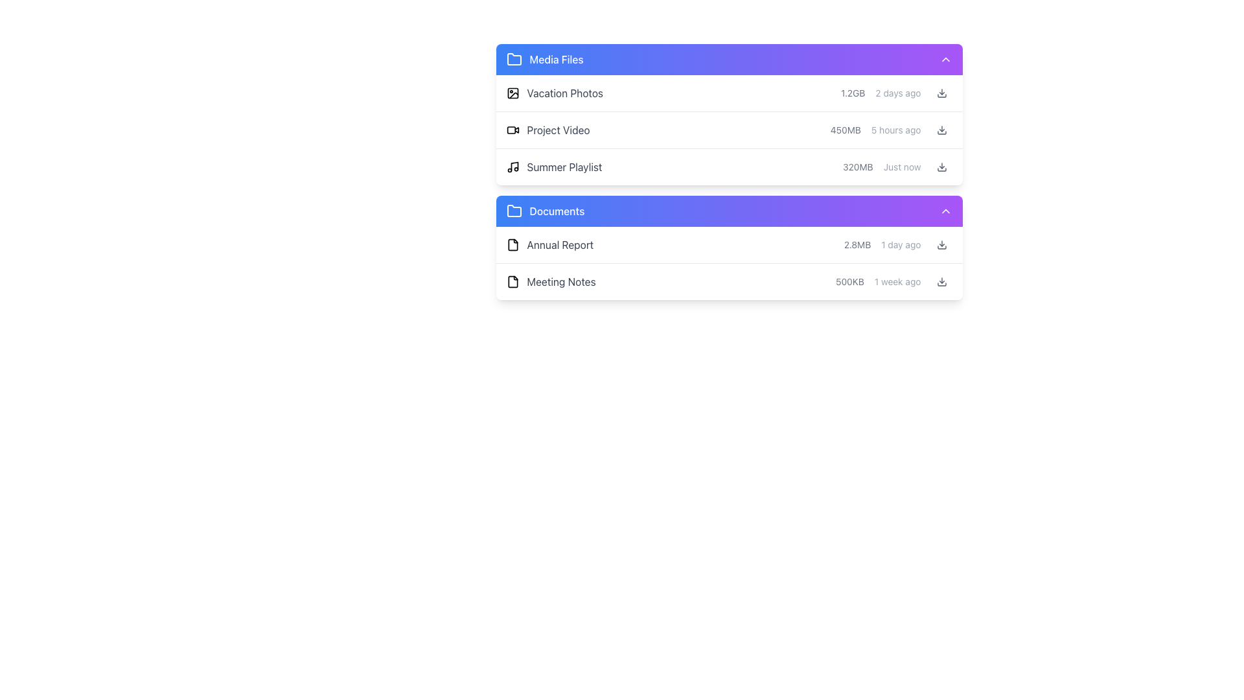  Describe the element at coordinates (559, 130) in the screenshot. I see `the text label displaying 'Project Video', styled in a gray font and positioned to the right of the video file icon, which is the second item in the 'Media Files' section` at that location.